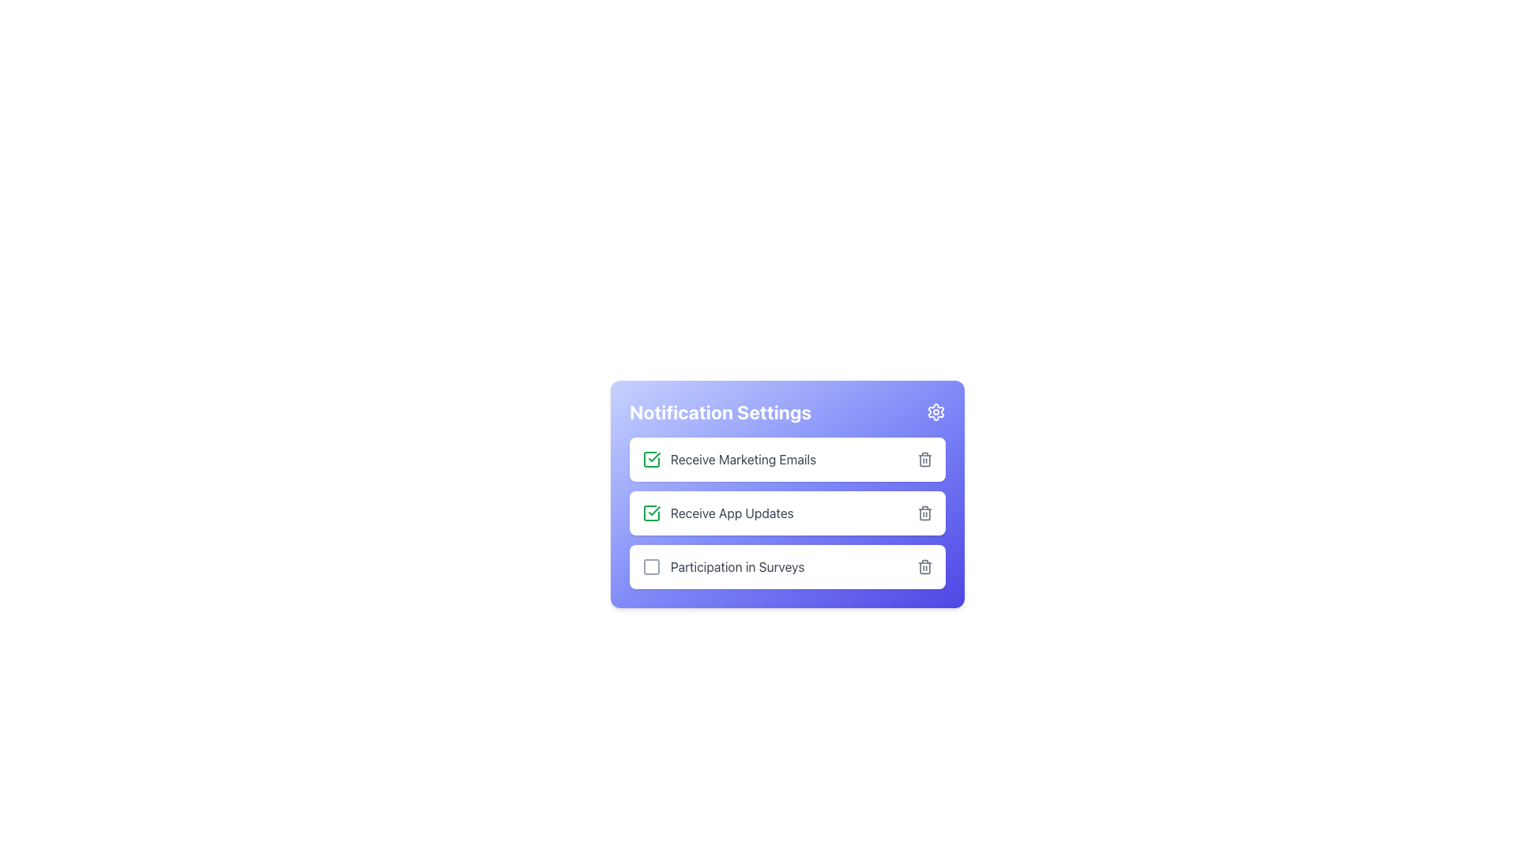  What do you see at coordinates (652, 513) in the screenshot?
I see `the green-outlined checkbox icon with a checkmark located to the left of the 'Receive App Updates' label in the 'Notification Settings' section` at bounding box center [652, 513].